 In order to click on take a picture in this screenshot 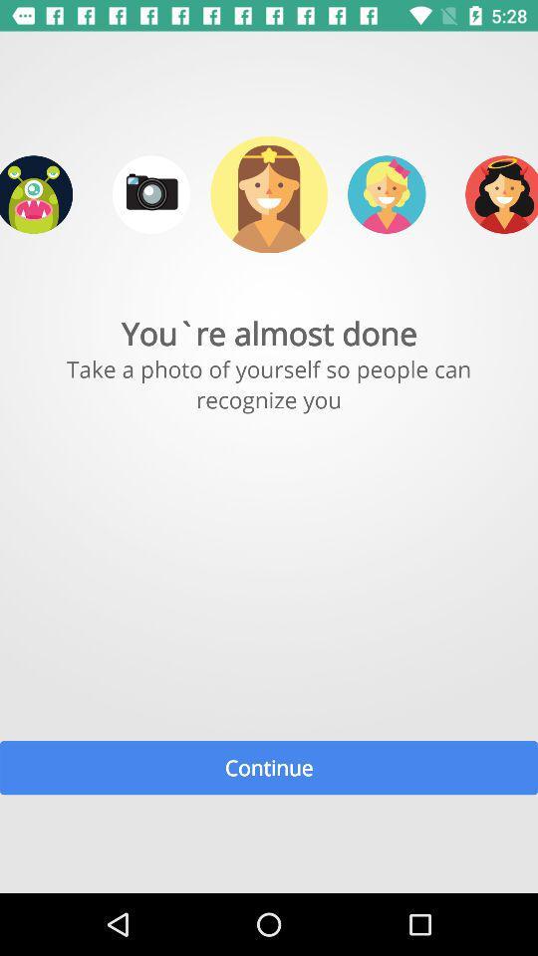, I will do `click(150, 194)`.